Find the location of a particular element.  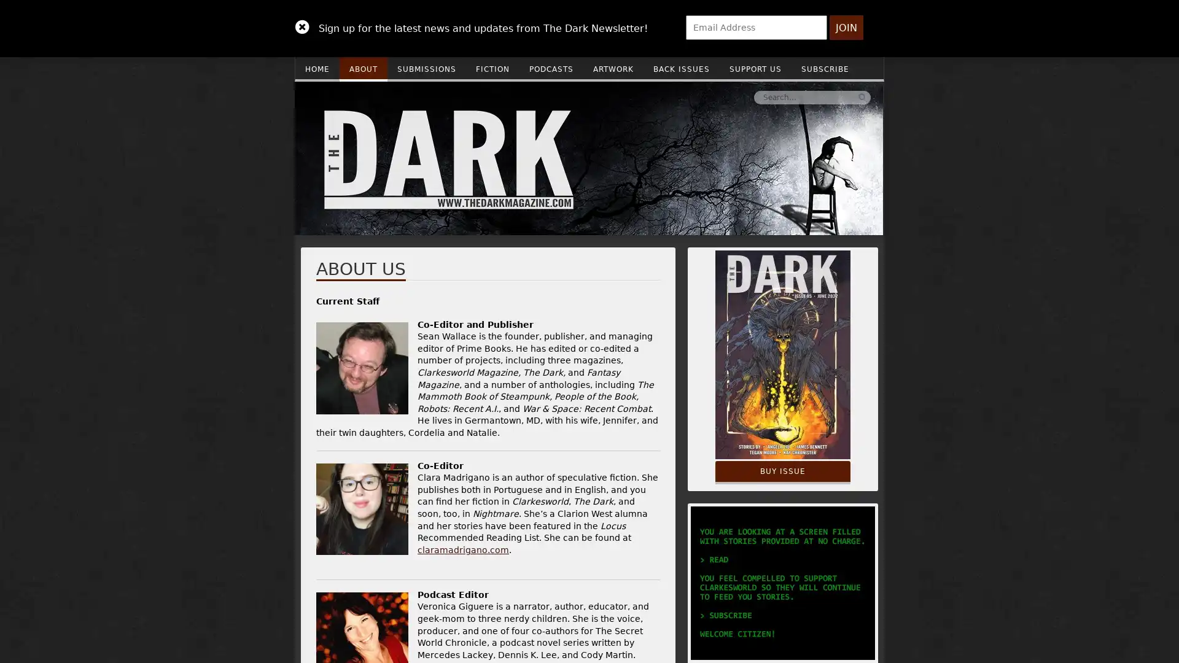

Search is located at coordinates (677, 96).